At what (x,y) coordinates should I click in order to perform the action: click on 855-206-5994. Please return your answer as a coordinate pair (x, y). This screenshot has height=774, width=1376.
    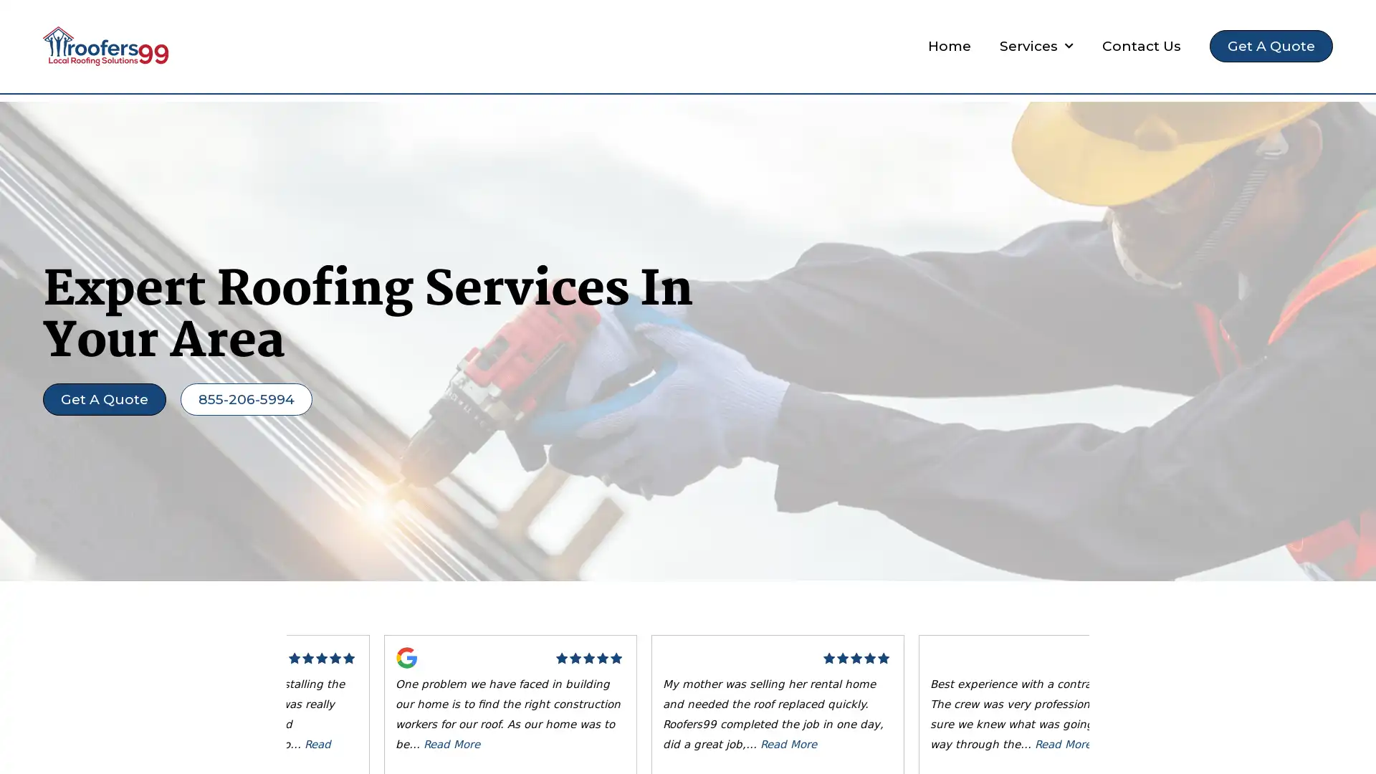
    Looking at the image, I should click on (247, 399).